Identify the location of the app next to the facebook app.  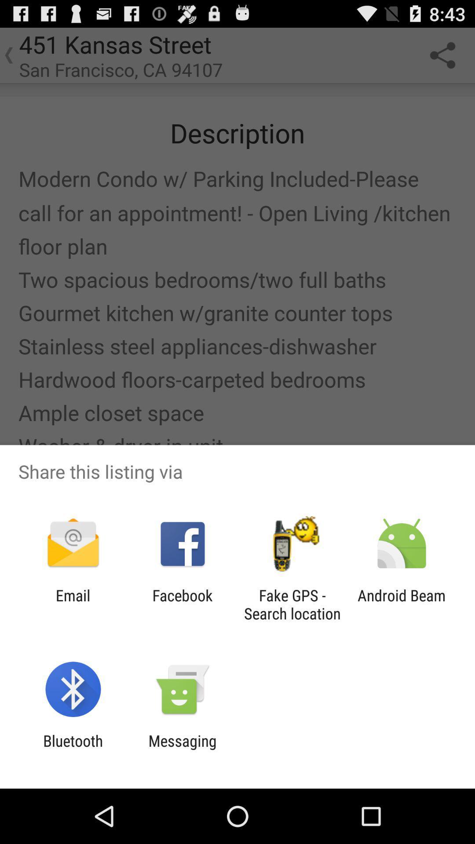
(73, 604).